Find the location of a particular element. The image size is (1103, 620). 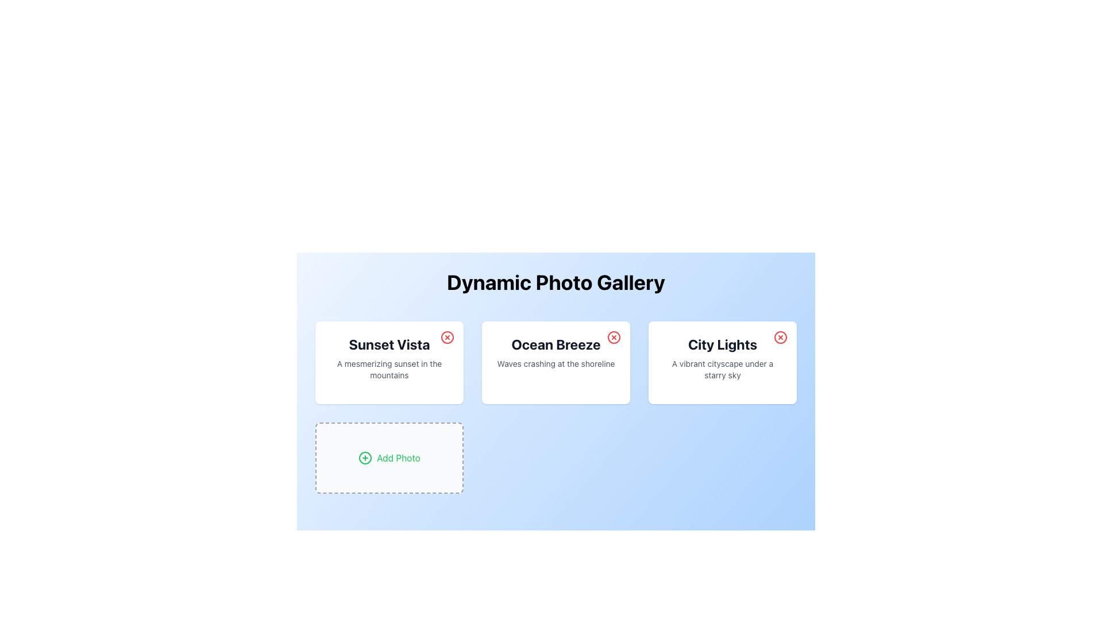

title 'City Lights' displayed in large, bold font at the top of the third card in the photo gallery section is located at coordinates (722, 344).